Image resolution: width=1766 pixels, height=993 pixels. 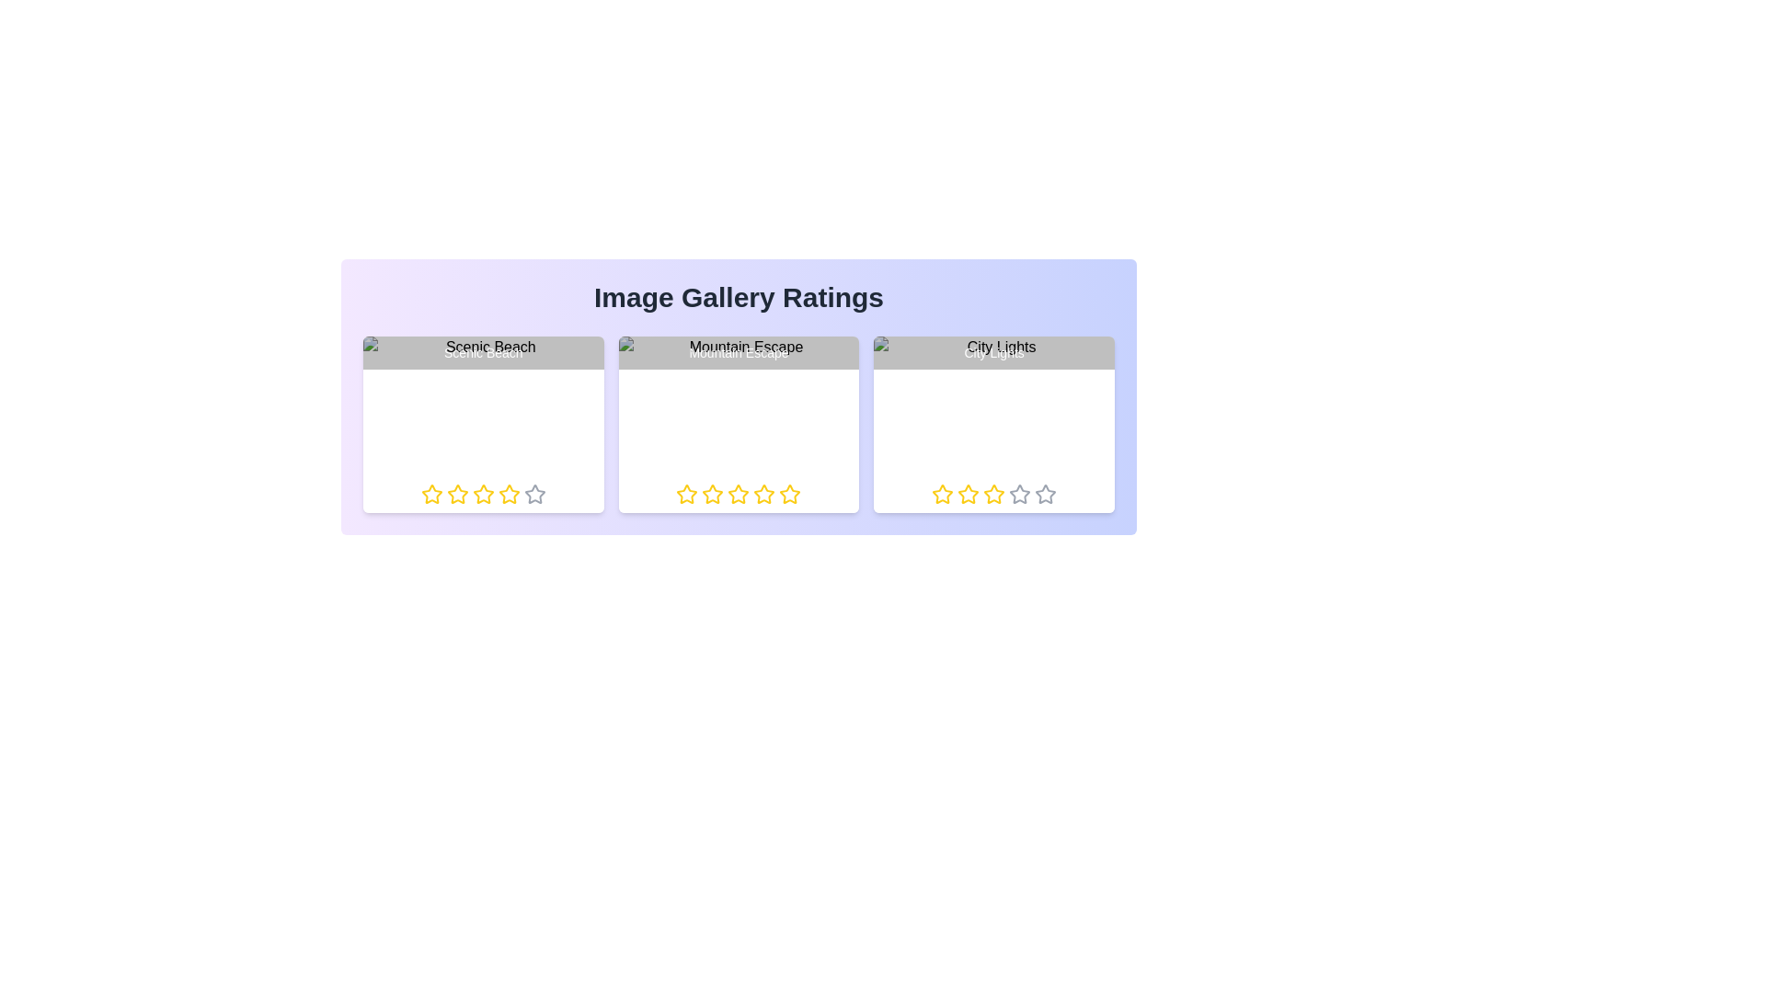 What do you see at coordinates (430, 493) in the screenshot?
I see `the rating of an image to 1 stars by clicking on the respective star` at bounding box center [430, 493].